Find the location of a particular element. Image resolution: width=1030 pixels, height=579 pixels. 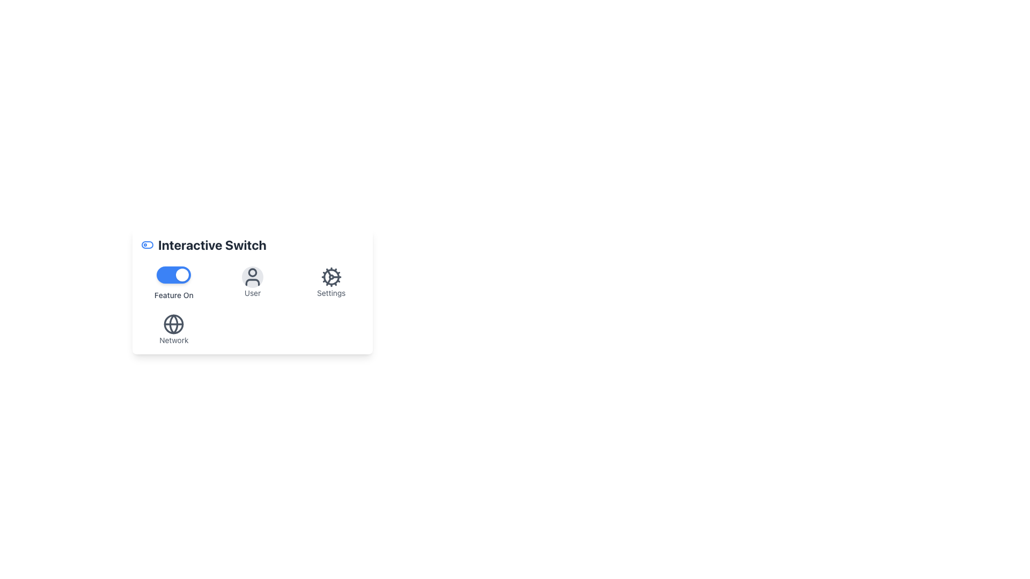

the globe icon representing the 'Network' functionality, which is centered under the heading 'Interactive Switch' is located at coordinates (174, 324).